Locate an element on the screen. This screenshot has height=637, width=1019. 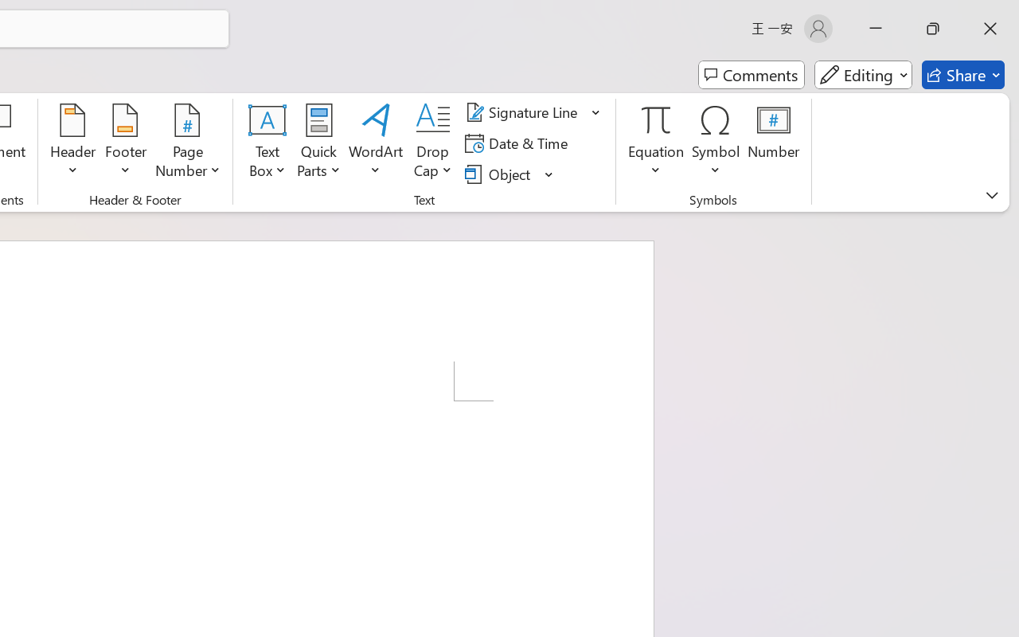
'Signature Line' is located at coordinates (524, 112).